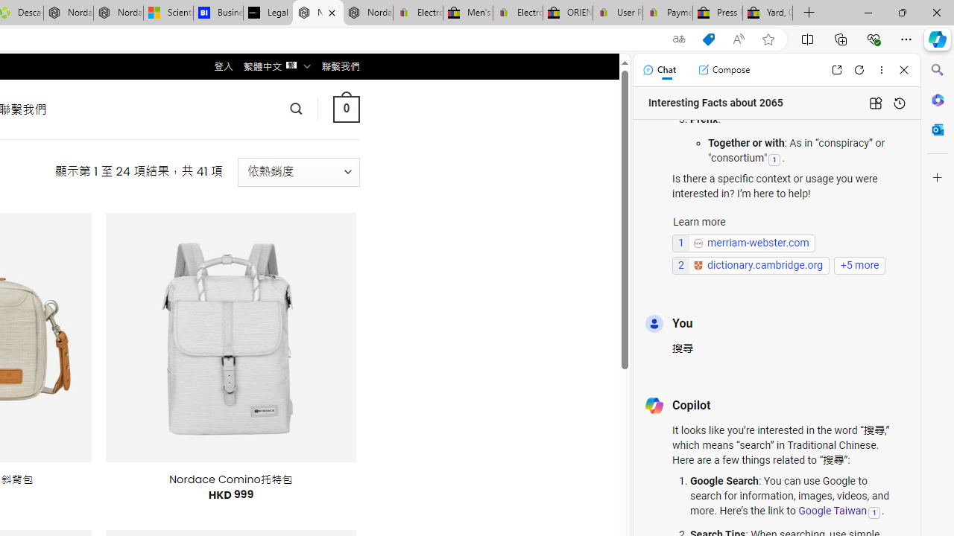 Image resolution: width=954 pixels, height=536 pixels. What do you see at coordinates (667, 13) in the screenshot?
I see `'Payments Terms of Use | eBay.com'` at bounding box center [667, 13].